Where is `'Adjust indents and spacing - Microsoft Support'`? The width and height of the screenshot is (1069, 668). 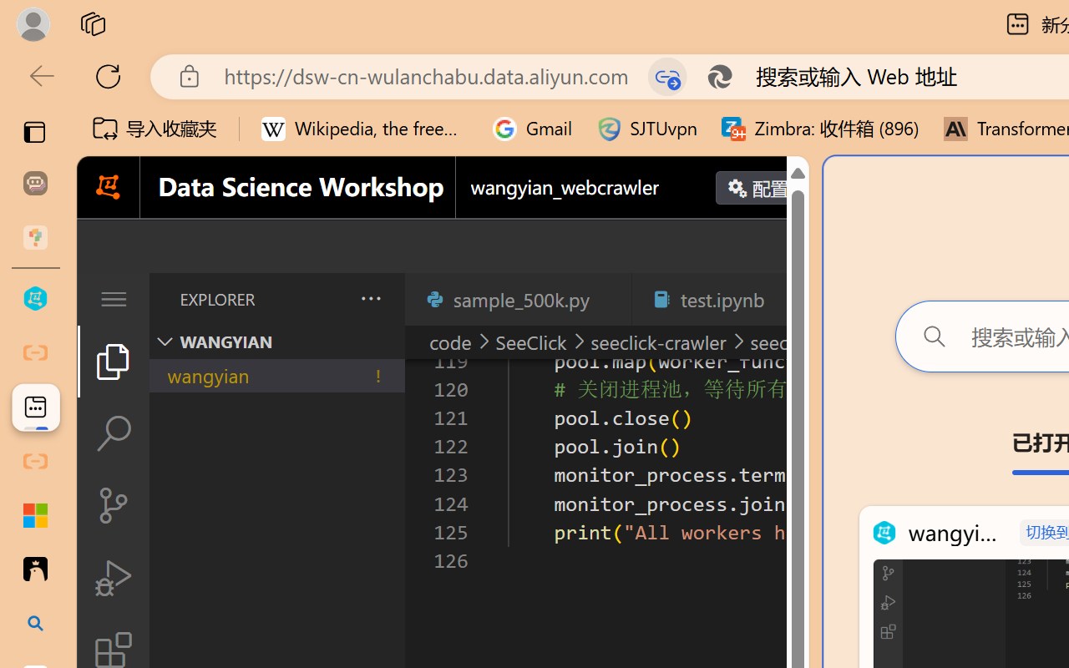 'Adjust indents and spacing - Microsoft Support' is located at coordinates (35, 515).